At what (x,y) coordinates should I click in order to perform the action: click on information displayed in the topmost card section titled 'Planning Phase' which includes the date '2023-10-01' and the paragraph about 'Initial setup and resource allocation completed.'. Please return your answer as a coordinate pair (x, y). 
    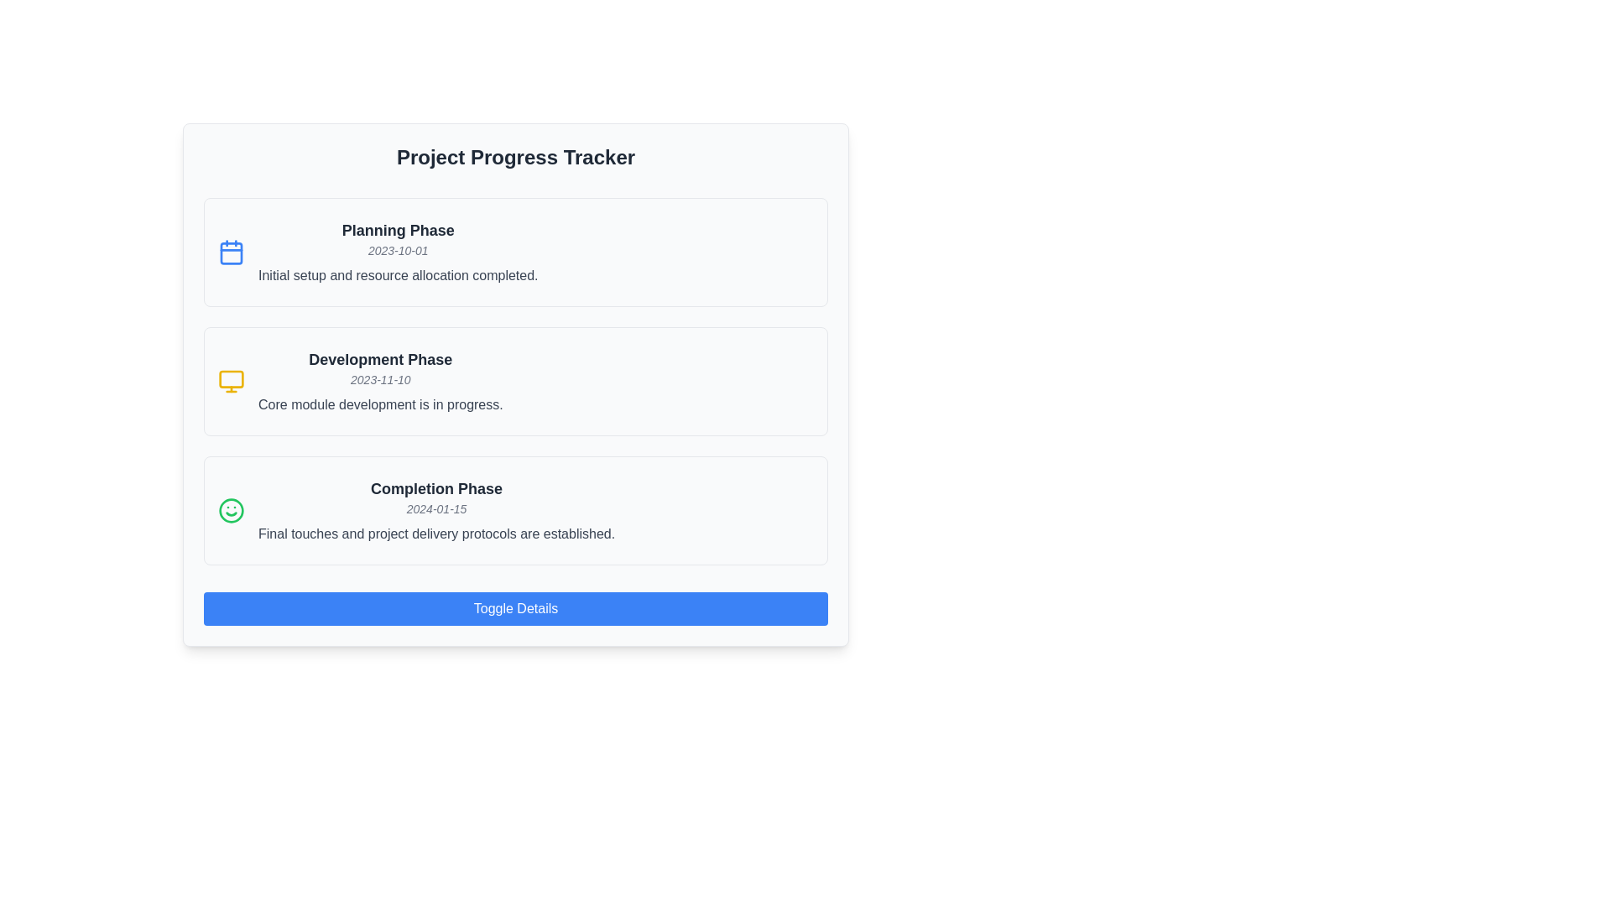
    Looking at the image, I should click on (397, 252).